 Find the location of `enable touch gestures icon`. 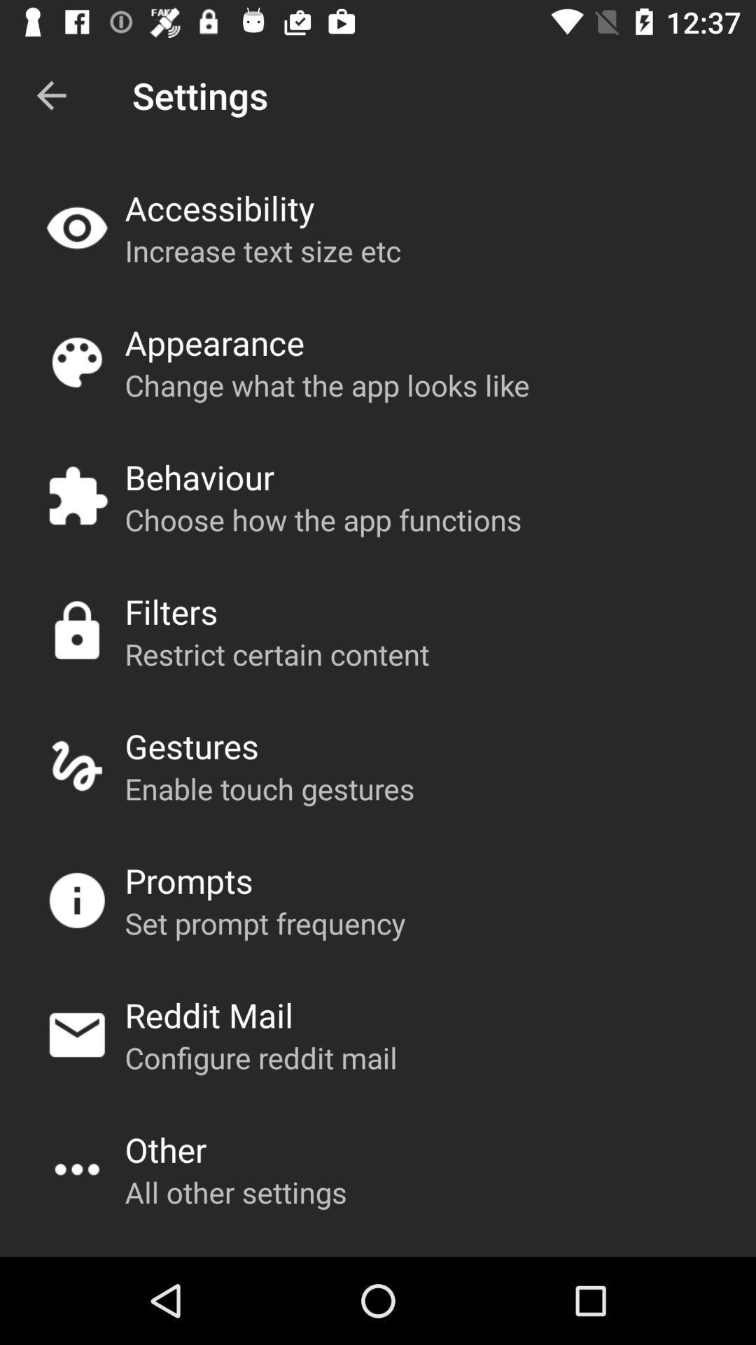

enable touch gestures icon is located at coordinates (269, 788).